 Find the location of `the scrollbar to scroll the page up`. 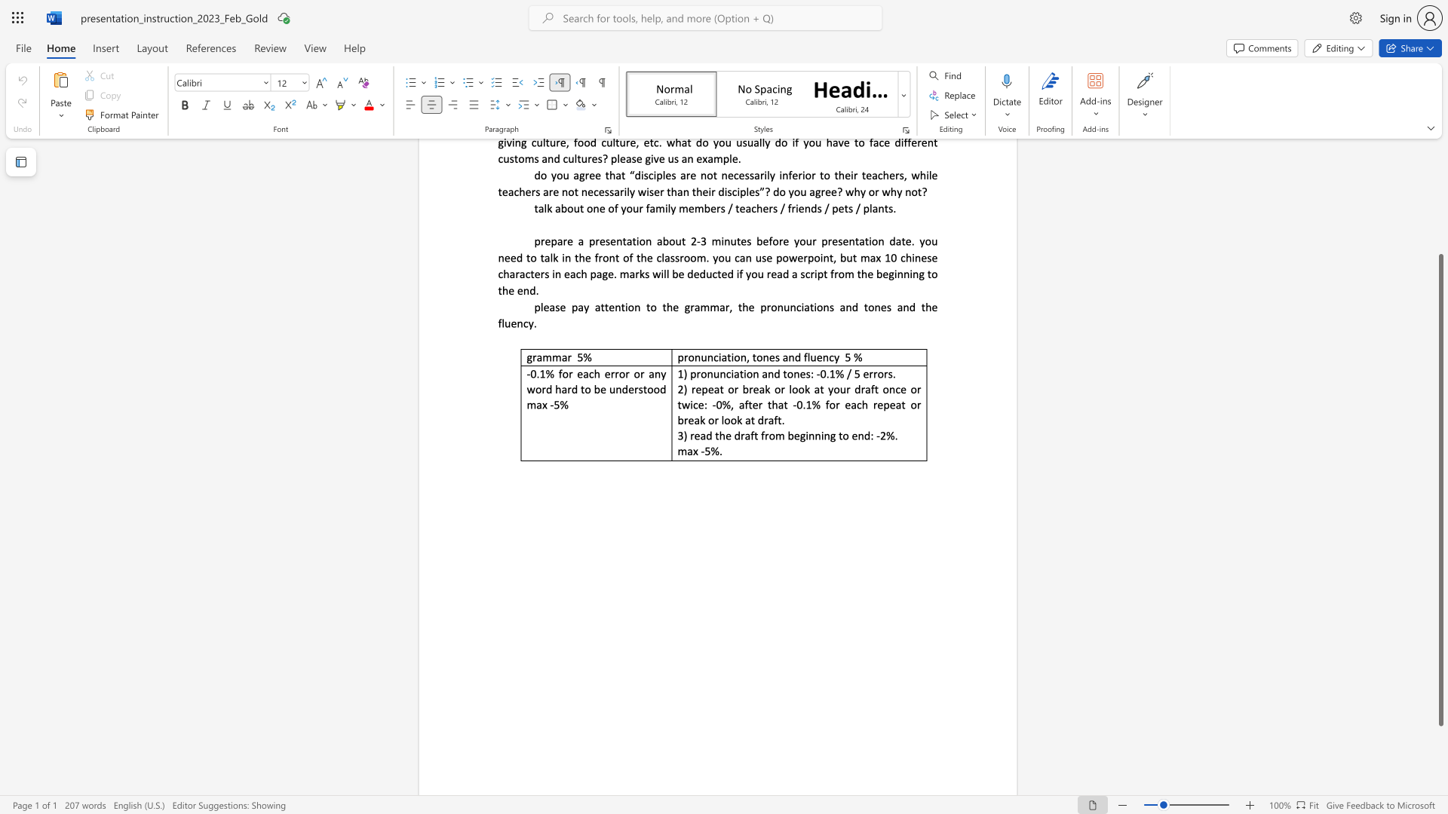

the scrollbar to scroll the page up is located at coordinates (1440, 240).